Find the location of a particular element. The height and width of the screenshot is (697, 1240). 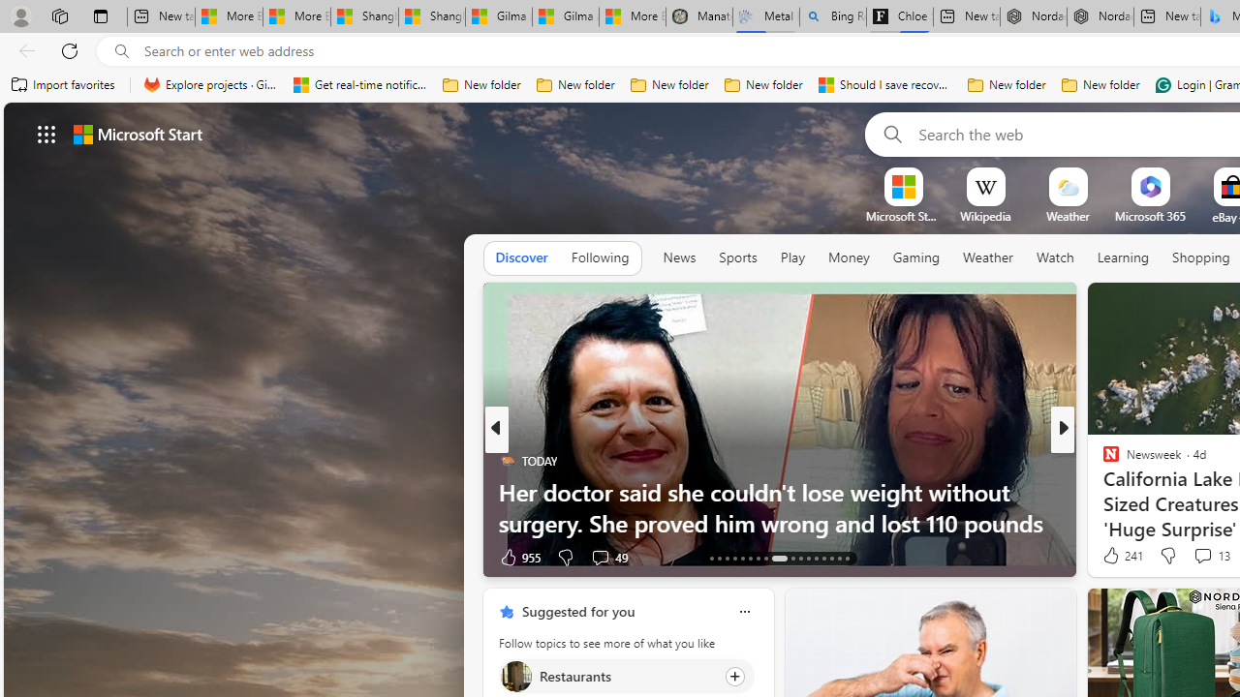

'Microsoft 365' is located at coordinates (1150, 216).